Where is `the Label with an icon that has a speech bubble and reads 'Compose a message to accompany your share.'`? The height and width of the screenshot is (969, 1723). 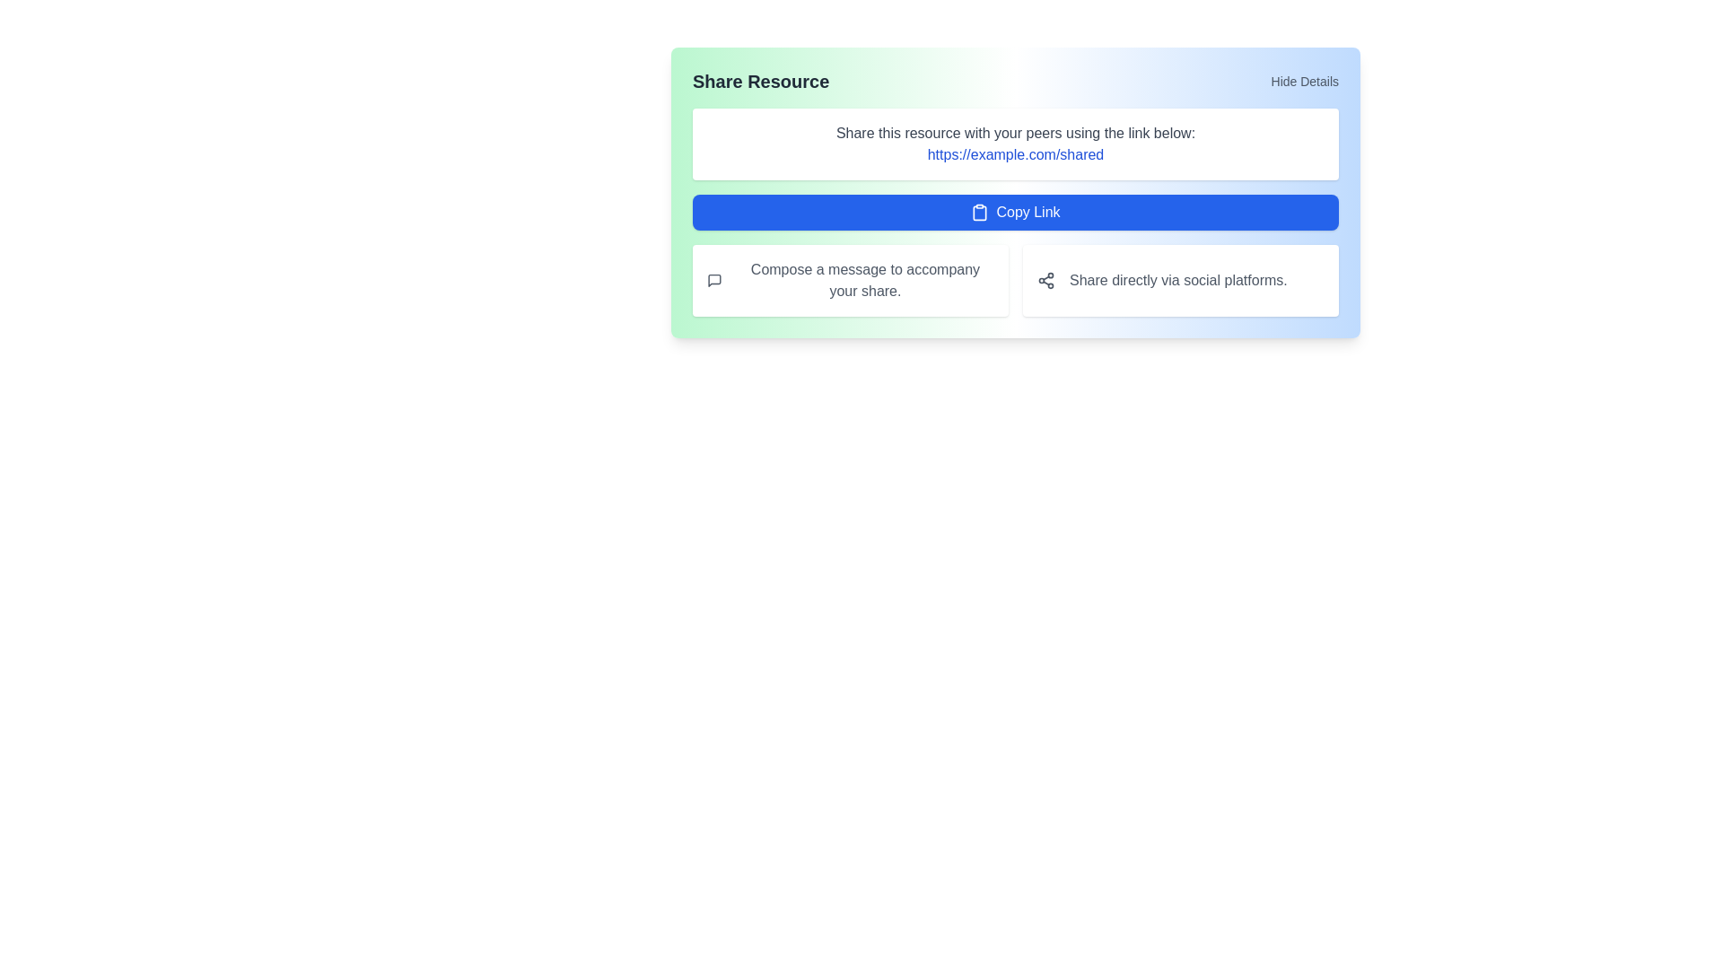 the Label with an icon that has a speech bubble and reads 'Compose a message to accompany your share.' is located at coordinates (850, 280).